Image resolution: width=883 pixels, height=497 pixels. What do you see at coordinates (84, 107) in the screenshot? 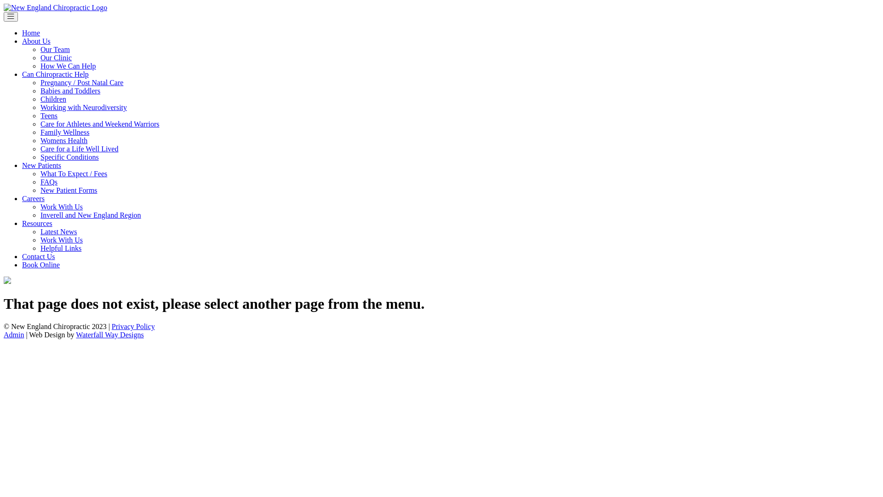
I see `'Working with Neurodiversity'` at bounding box center [84, 107].